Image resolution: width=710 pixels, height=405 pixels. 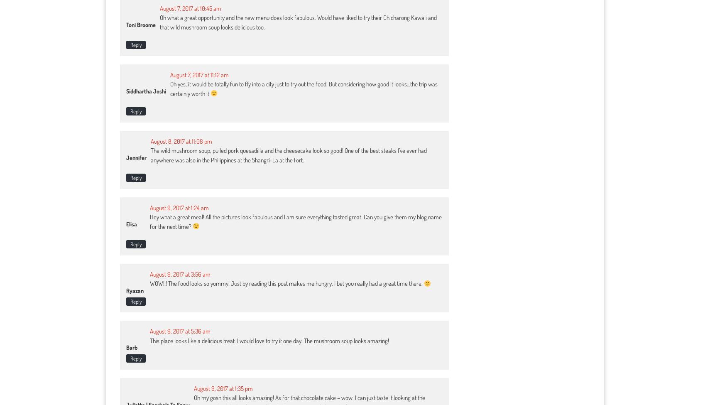 I want to click on 'Oh what a great opportunity and the new menu does look fabulous.  Would have liked to try their Chicharong Kawali and that wild mushroom soup looks delicious too.', so click(x=298, y=22).